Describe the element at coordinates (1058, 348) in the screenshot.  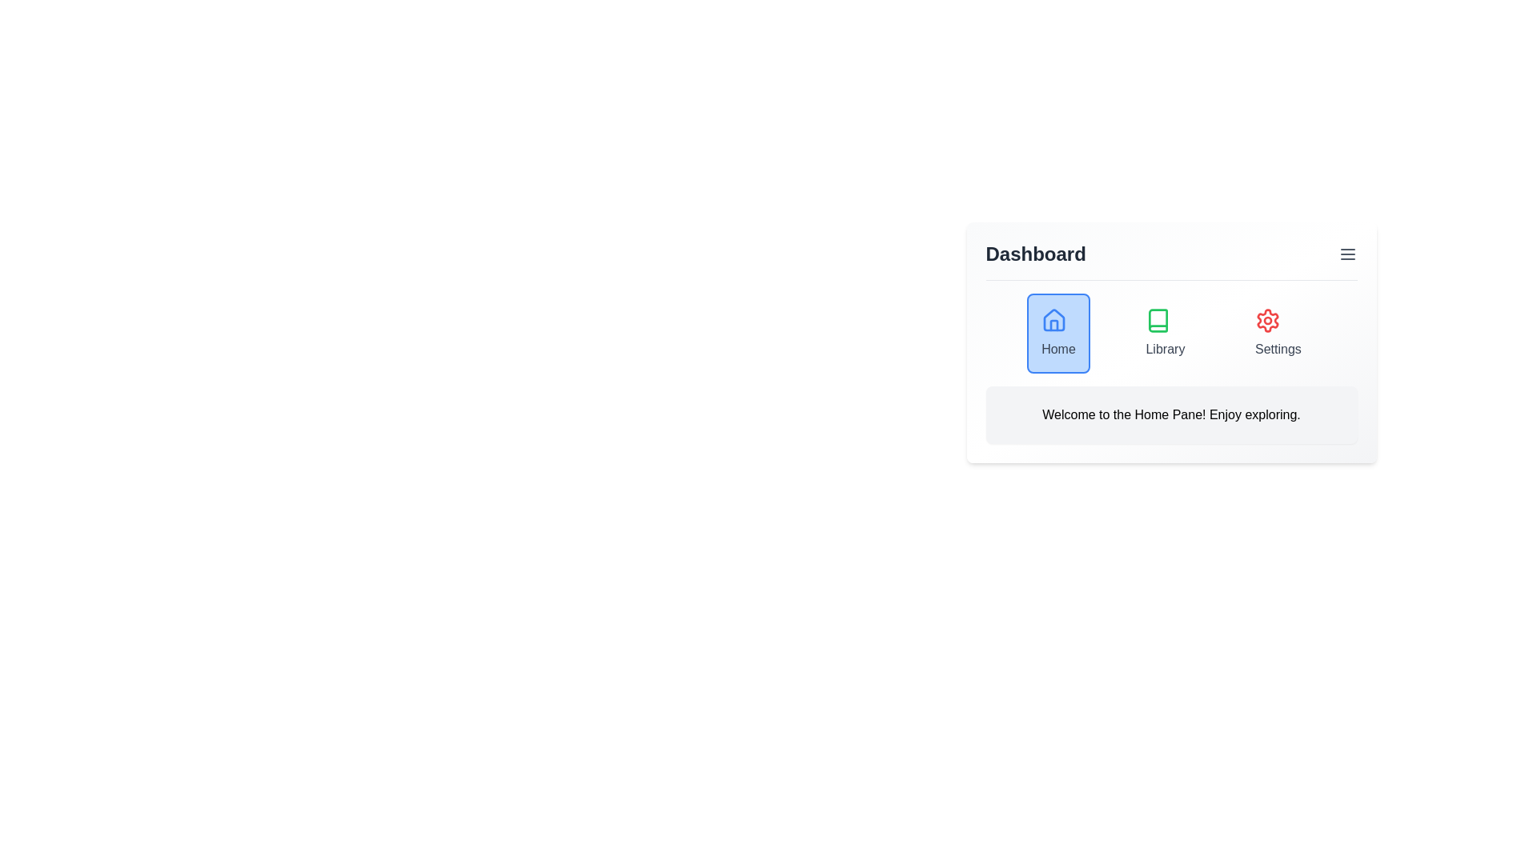
I see `text label 'Home' located in the bottom section of a blue-bordered button on the left side of a horizontal list of buttons` at that location.